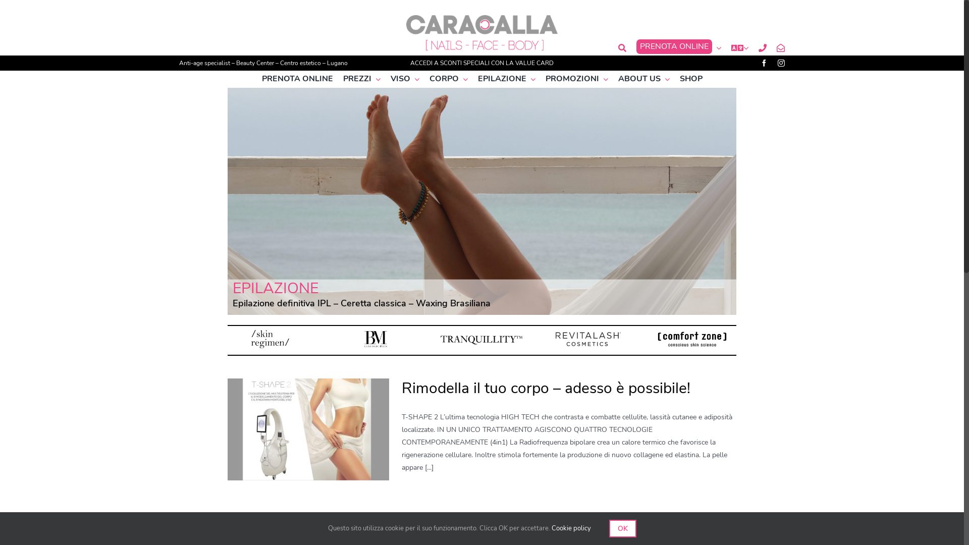  Describe the element at coordinates (296, 78) in the screenshot. I see `'PRENOTA ONLINE'` at that location.